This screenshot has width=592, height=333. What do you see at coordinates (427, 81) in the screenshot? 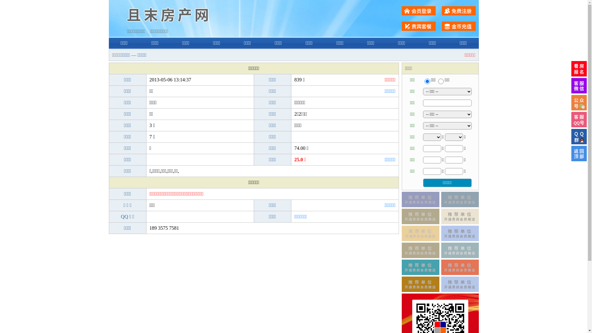
I see `'ershou'` at bounding box center [427, 81].